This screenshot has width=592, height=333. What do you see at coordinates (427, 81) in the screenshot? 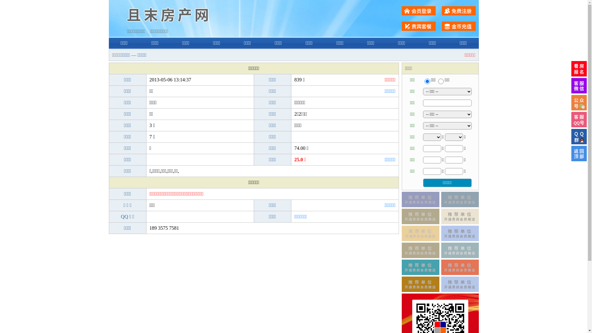
I see `'ershou'` at bounding box center [427, 81].